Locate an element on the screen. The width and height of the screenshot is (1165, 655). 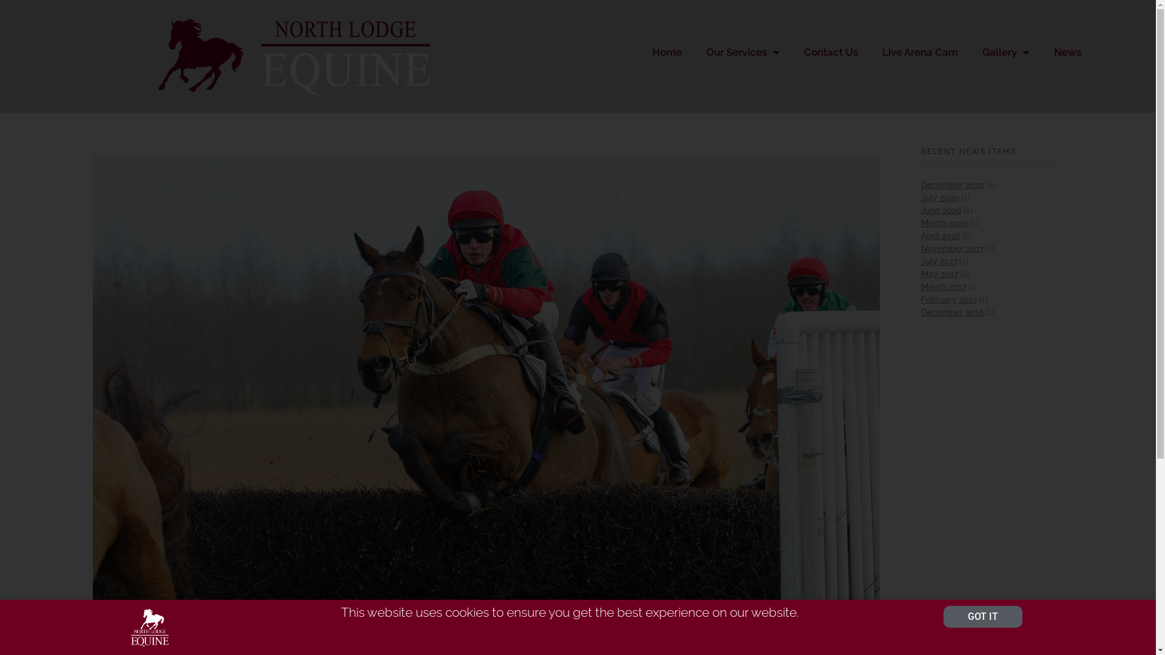
'Our Services' is located at coordinates (694, 51).